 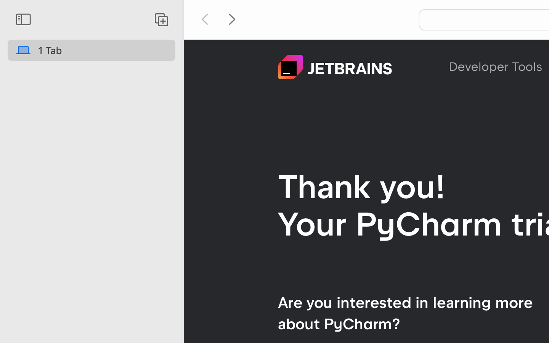 What do you see at coordinates (361, 186) in the screenshot?
I see `'Thank you!'` at bounding box center [361, 186].